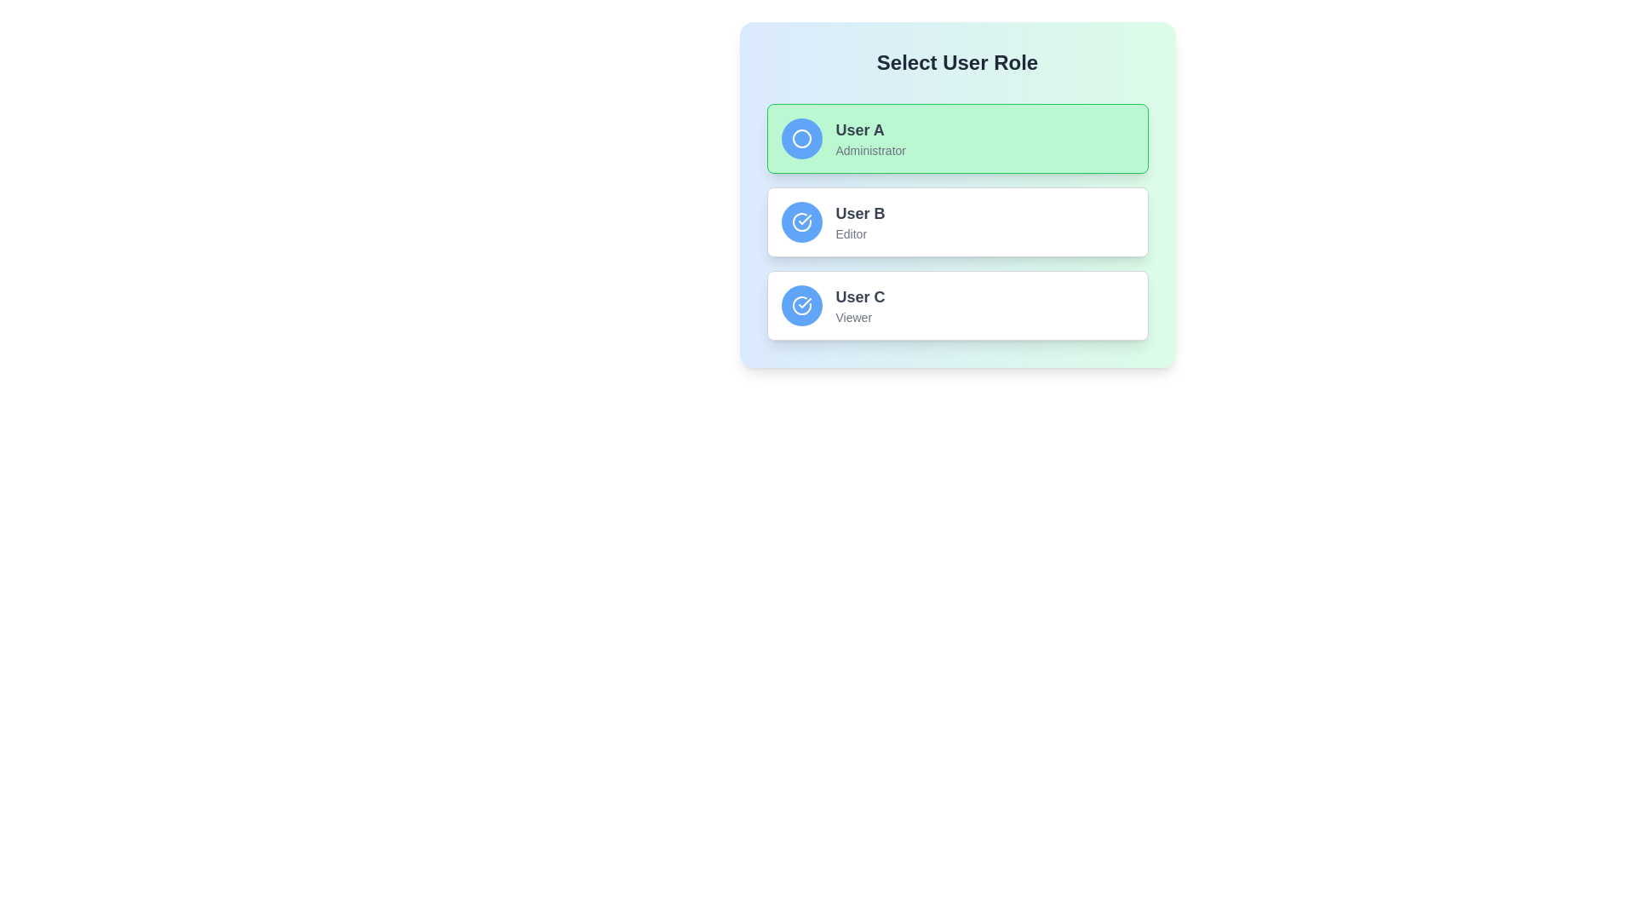 The height and width of the screenshot is (920, 1635). I want to click on the label displaying the username and user role in the third option of the user role selection panel, located to the right of the circular blue icon with a white check mark, so click(860, 304).